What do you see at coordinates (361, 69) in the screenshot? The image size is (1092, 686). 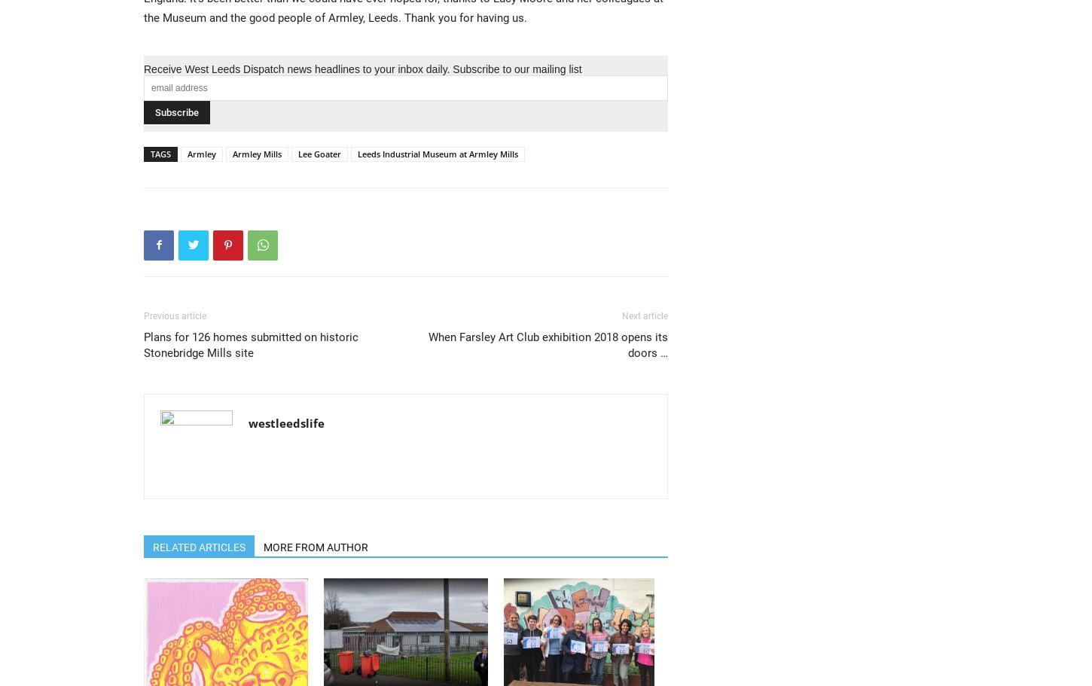 I see `'Receive West Leeds Dispatch news headlines to your inbox daily. Subscribe to our mailing list'` at bounding box center [361, 69].